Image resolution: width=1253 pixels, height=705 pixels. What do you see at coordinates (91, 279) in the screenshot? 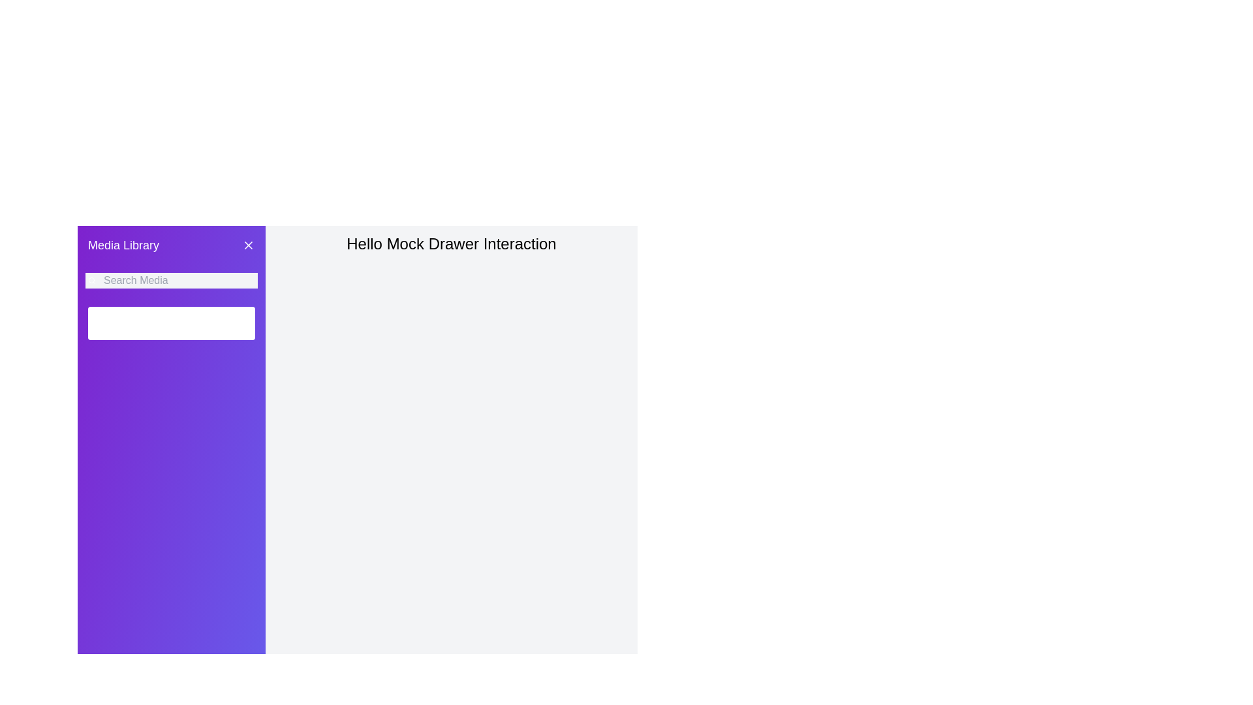
I see `the search icon located at the left of the input field, which represents the search functionality` at bounding box center [91, 279].